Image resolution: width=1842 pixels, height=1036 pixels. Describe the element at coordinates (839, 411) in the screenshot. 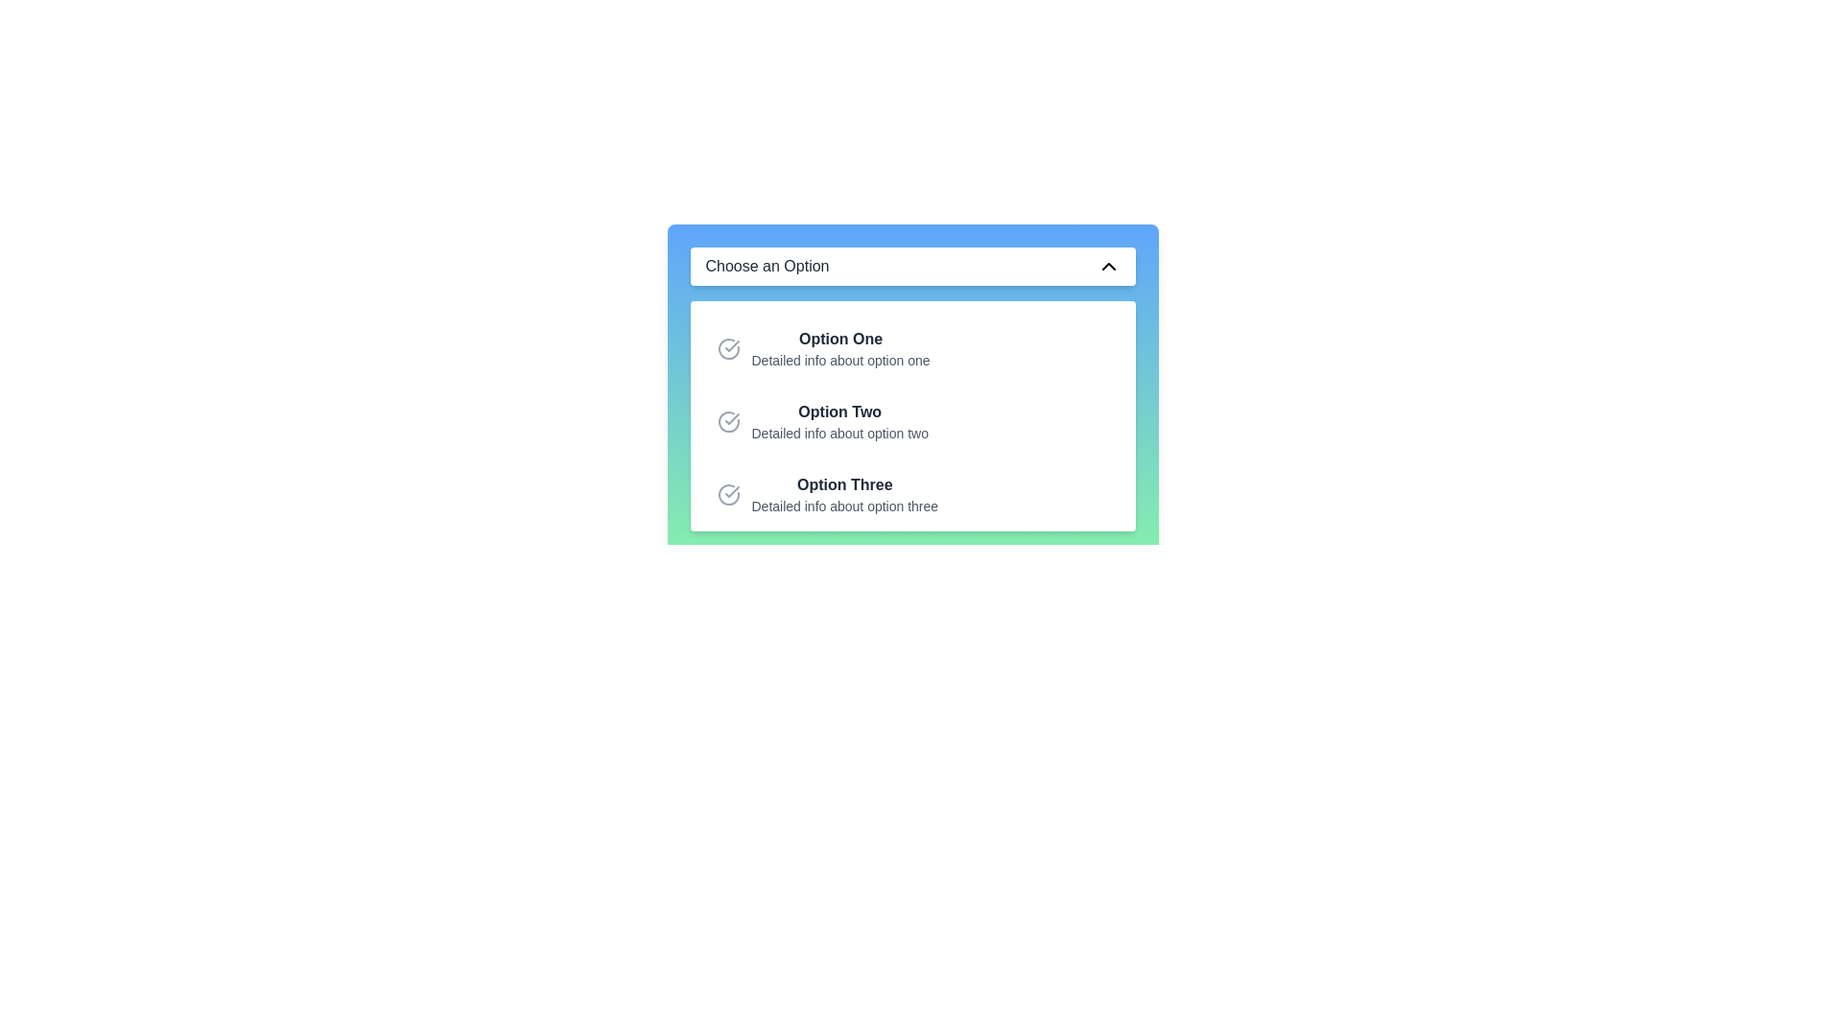

I see `text label displaying 'Option Two', which is the second item in the dropdown menu options, situated above the detailed info about option two` at that location.